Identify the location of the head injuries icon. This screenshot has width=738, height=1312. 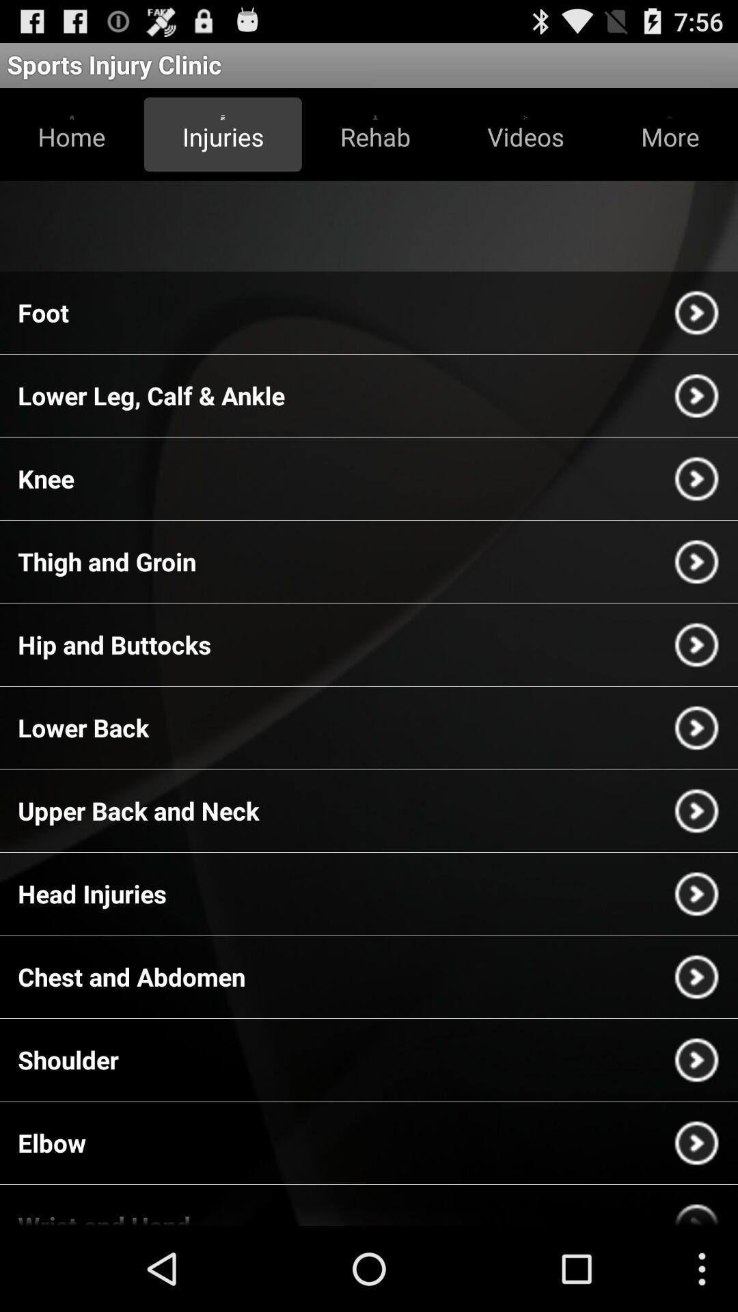
(92, 894).